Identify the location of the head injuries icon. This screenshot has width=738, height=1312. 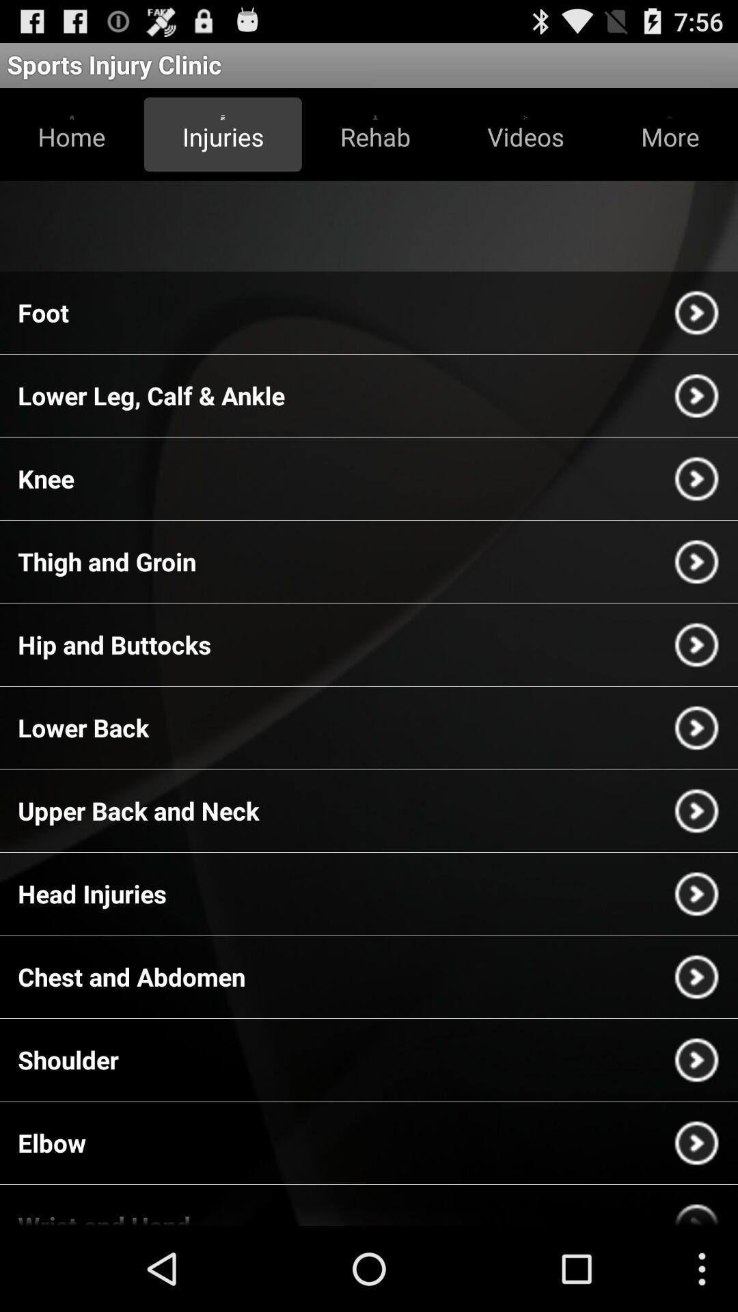
(92, 894).